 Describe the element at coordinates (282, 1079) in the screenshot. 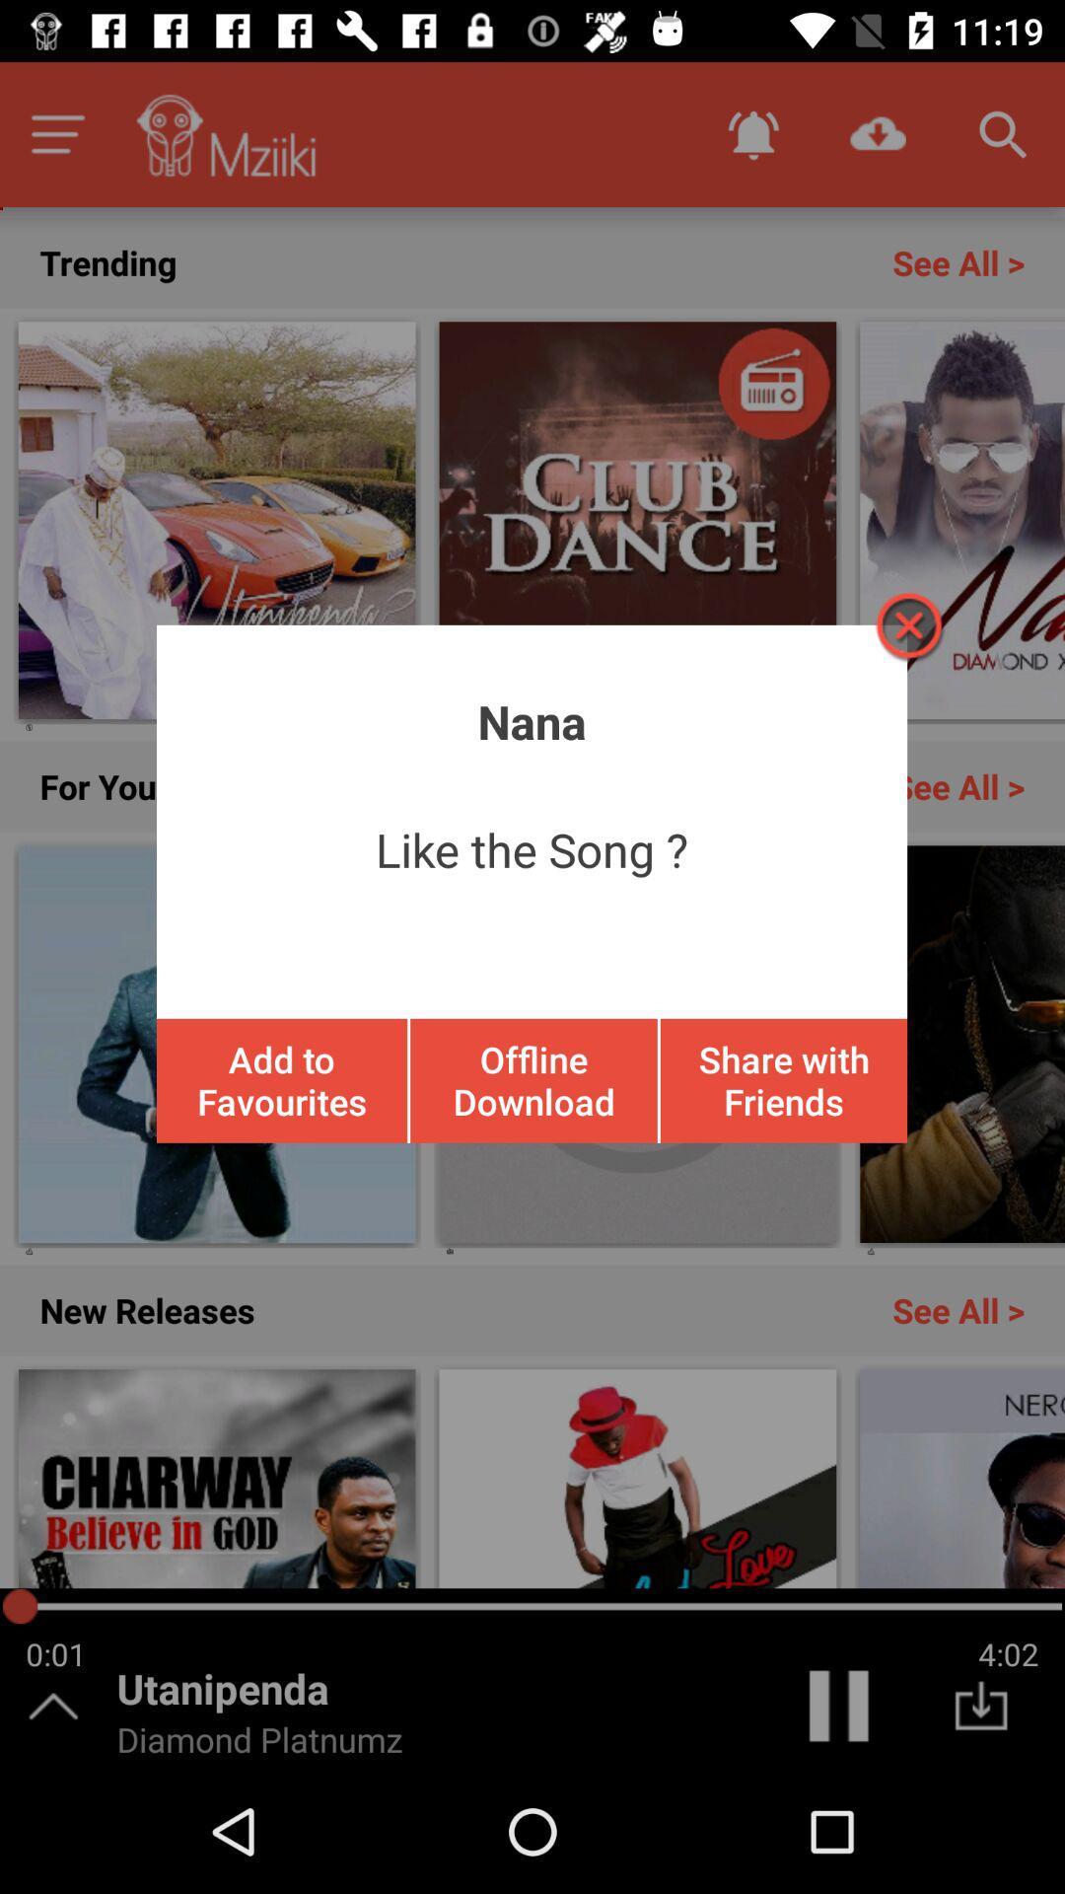

I see `add to favourites on the left` at that location.